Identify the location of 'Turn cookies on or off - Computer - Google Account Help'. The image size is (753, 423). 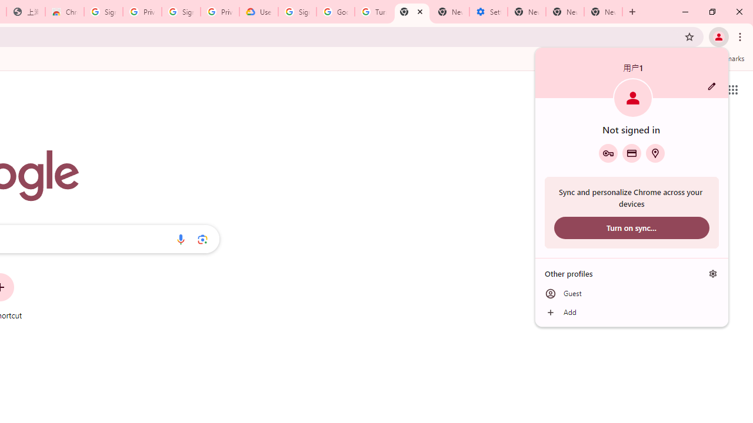
(373, 12).